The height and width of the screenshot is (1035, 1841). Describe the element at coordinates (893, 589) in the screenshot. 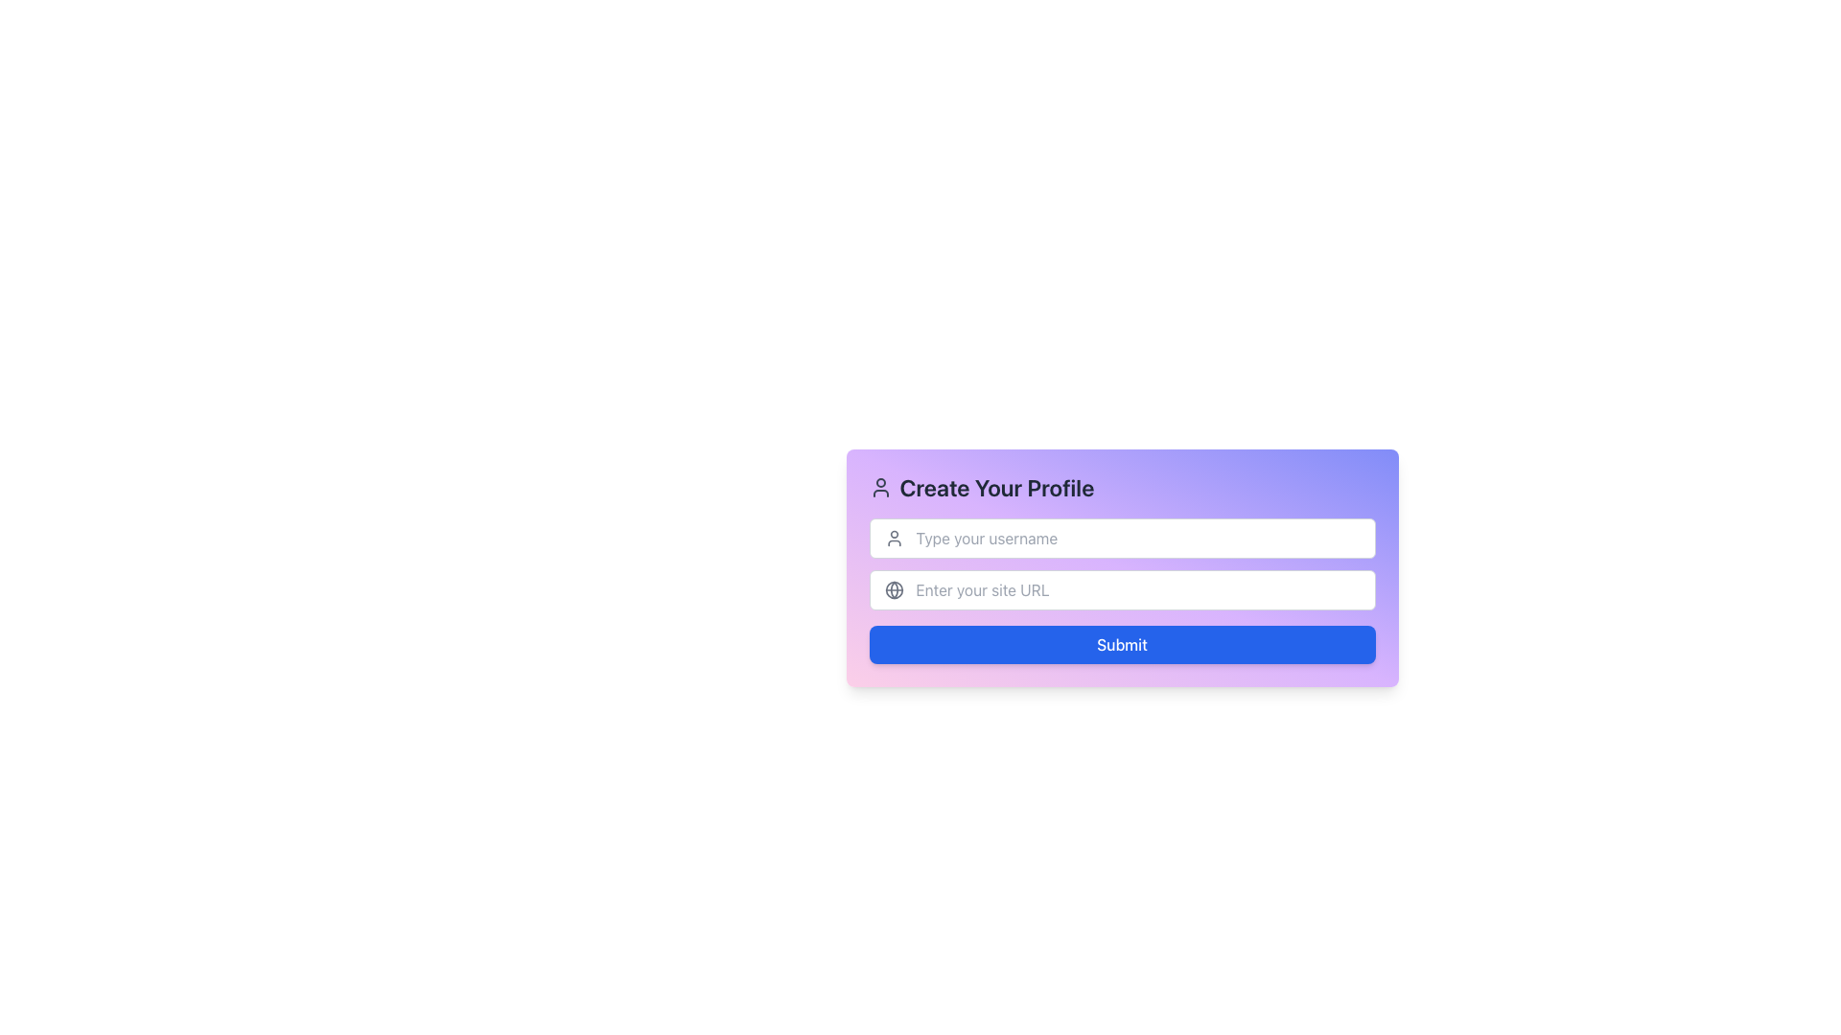

I see `the globe icon that serves as a visual aid for the URL input field, positioned immediately to the left of the input field` at that location.